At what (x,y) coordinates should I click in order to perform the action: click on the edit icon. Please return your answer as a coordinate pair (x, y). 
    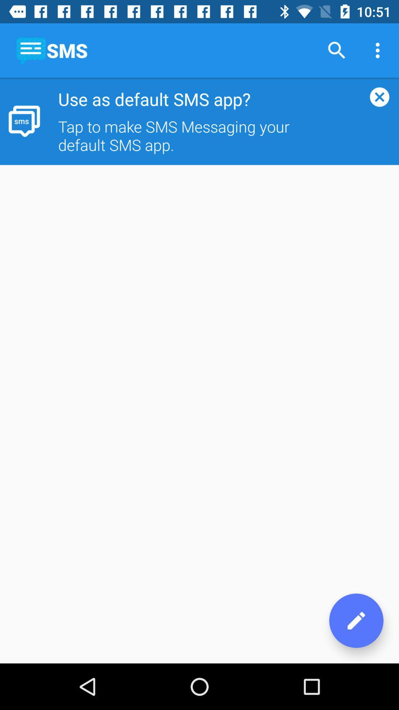
    Looking at the image, I should click on (356, 621).